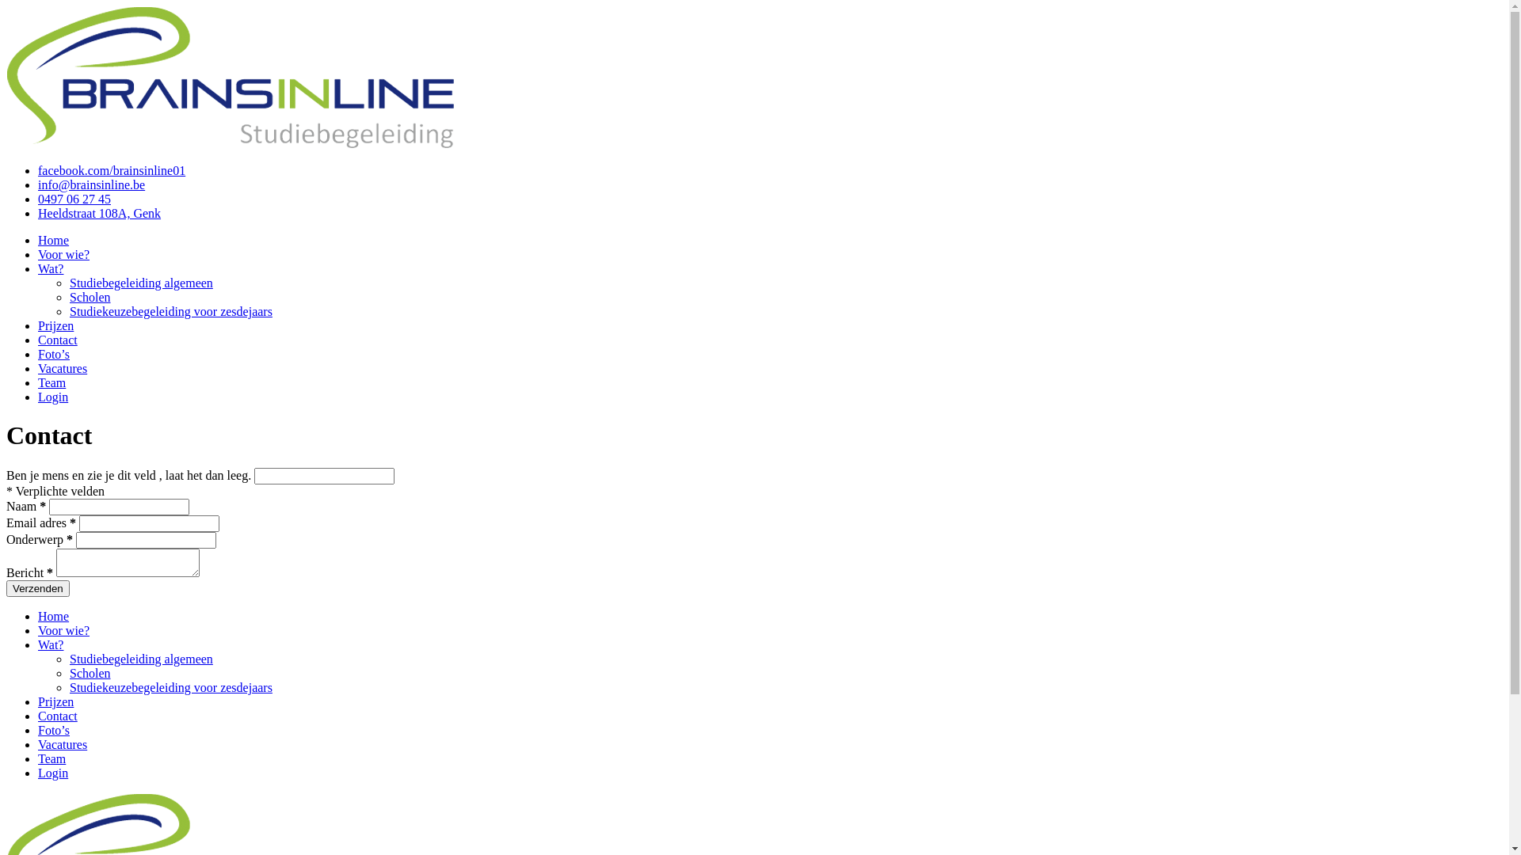  I want to click on 'Team', so click(51, 758).